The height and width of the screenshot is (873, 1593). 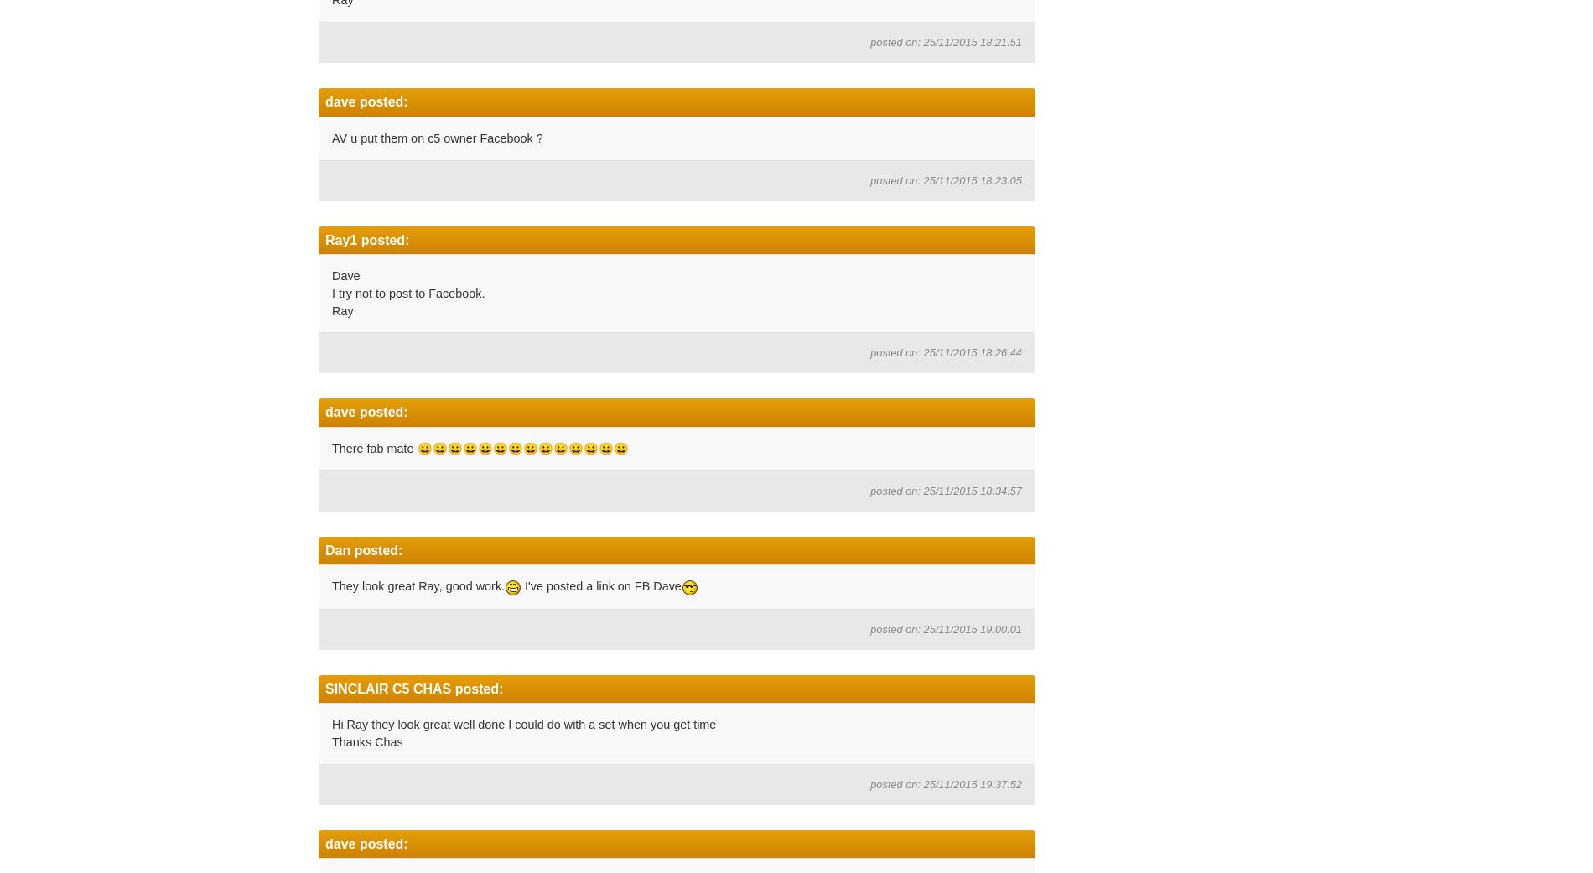 What do you see at coordinates (366, 740) in the screenshot?
I see `'Thanks Chas'` at bounding box center [366, 740].